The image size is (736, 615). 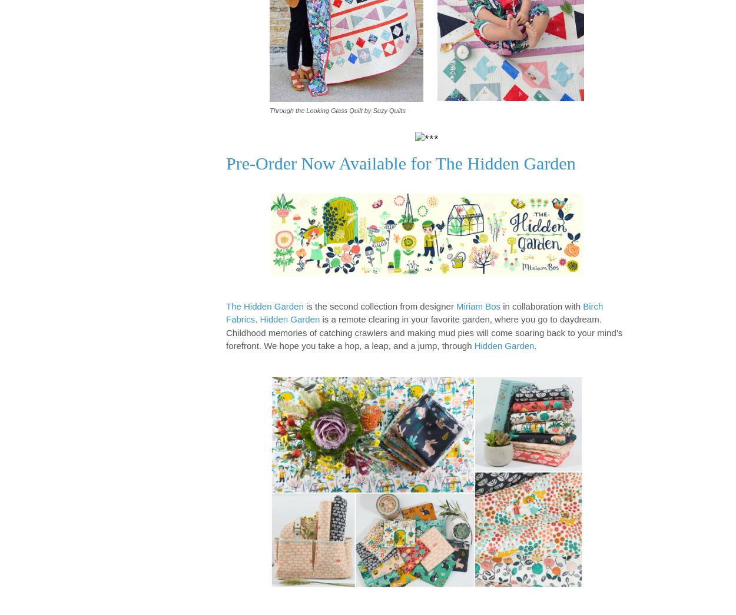 I want to click on 'The Hidden Garden', so click(x=226, y=305).